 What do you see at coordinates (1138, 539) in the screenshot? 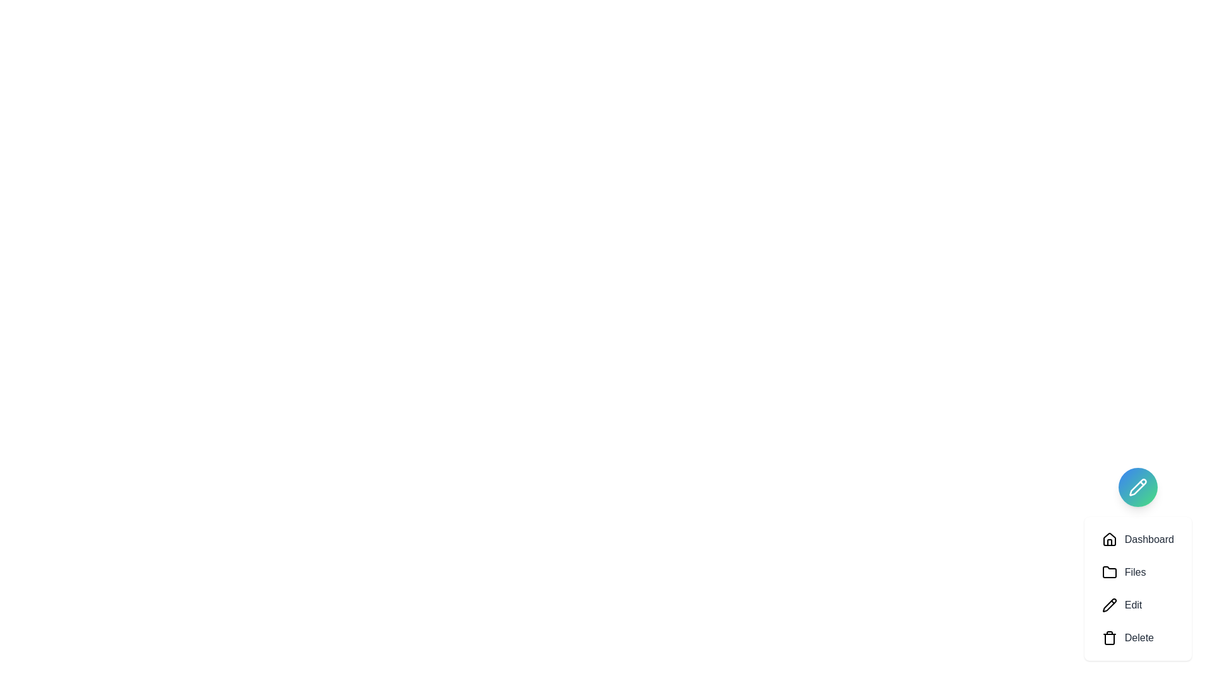
I see `the option Dashboard from the speed dial menu` at bounding box center [1138, 539].